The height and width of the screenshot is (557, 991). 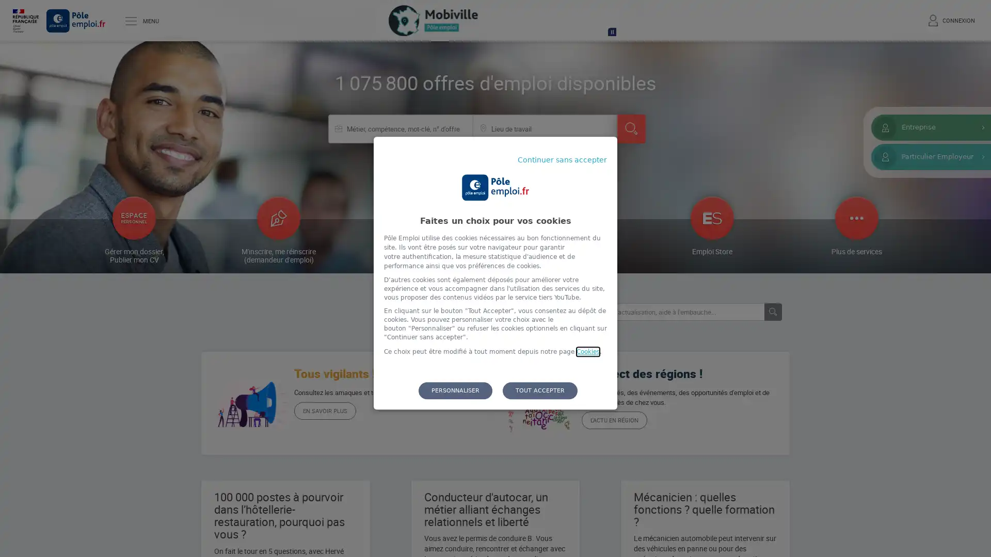 I want to click on METTRE LE CARROUSEL EN PAUSE, so click(x=612, y=31).